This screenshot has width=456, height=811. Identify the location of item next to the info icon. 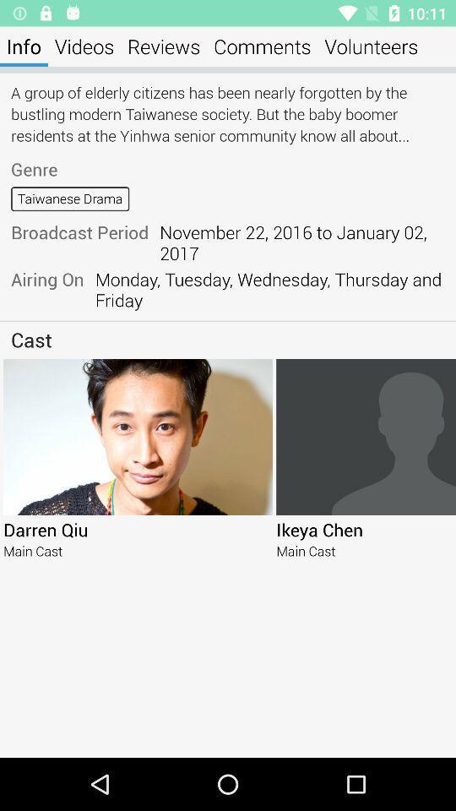
(84, 46).